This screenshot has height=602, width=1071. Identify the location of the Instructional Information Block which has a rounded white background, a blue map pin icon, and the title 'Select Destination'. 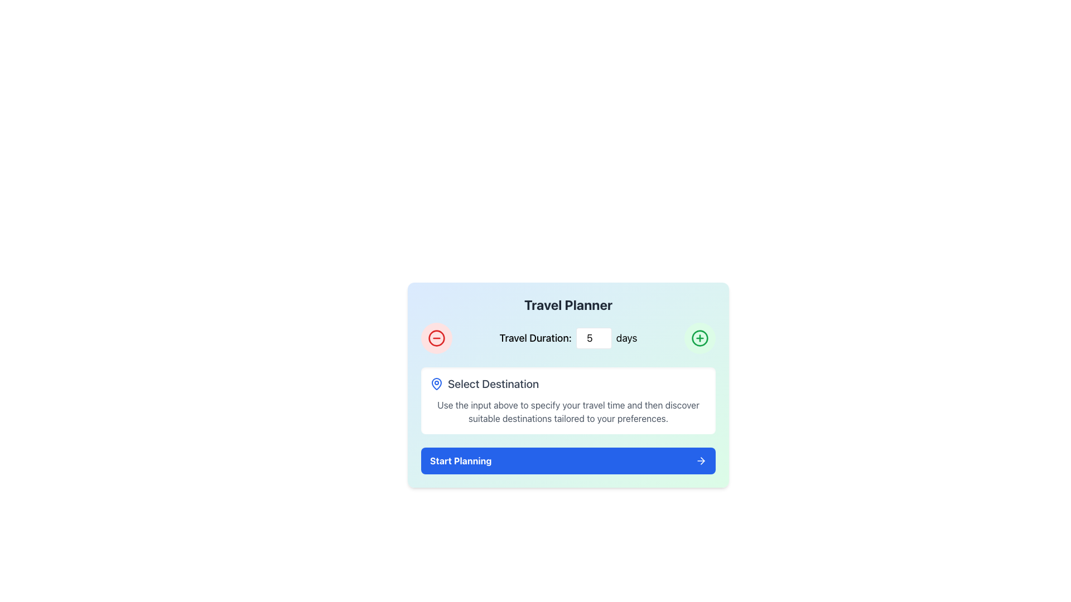
(568, 400).